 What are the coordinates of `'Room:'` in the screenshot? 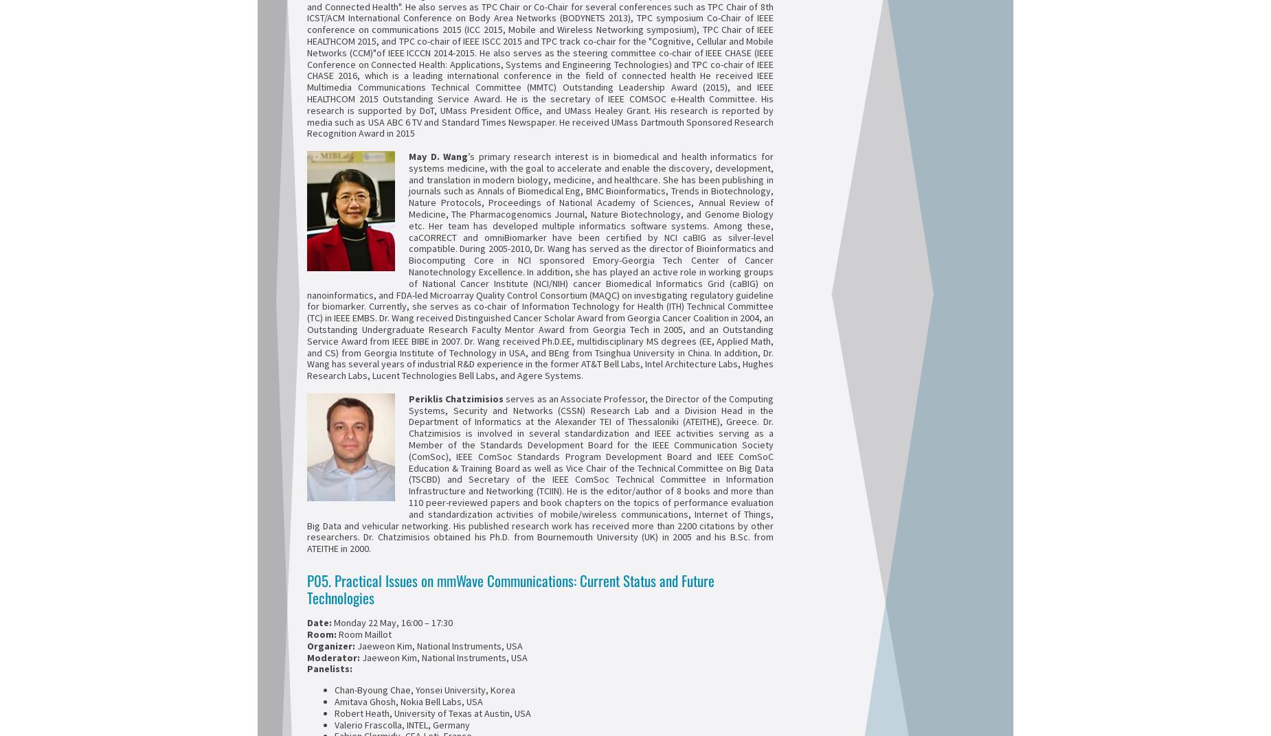 It's located at (323, 634).